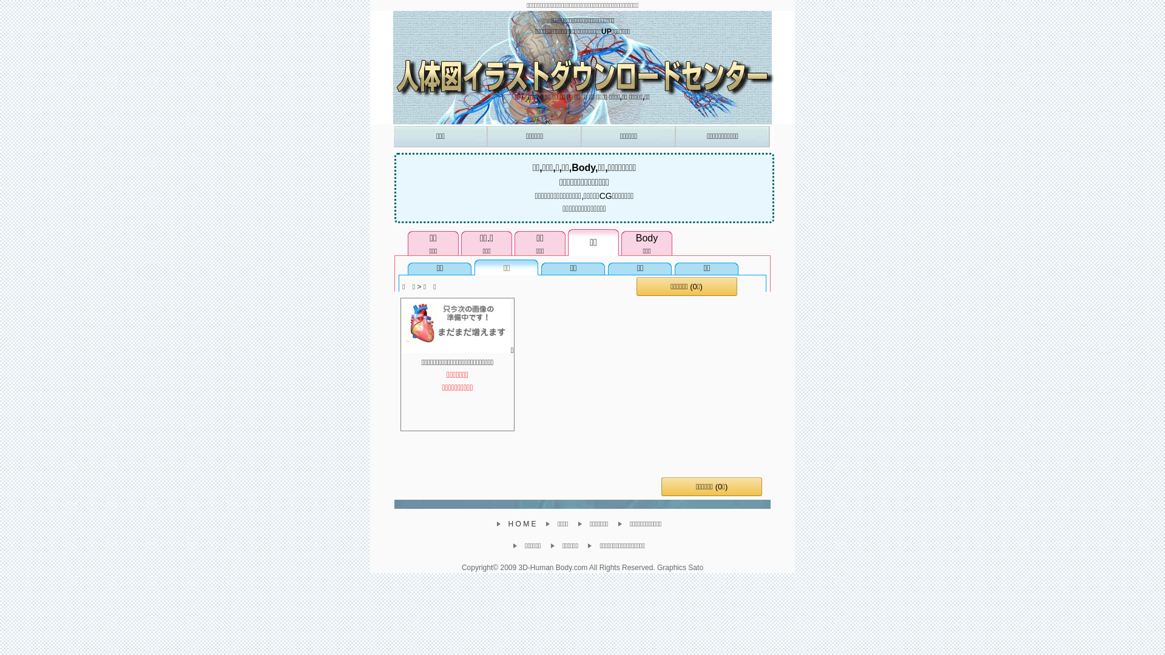  What do you see at coordinates (520, 523) in the screenshot?
I see `'H O M E'` at bounding box center [520, 523].